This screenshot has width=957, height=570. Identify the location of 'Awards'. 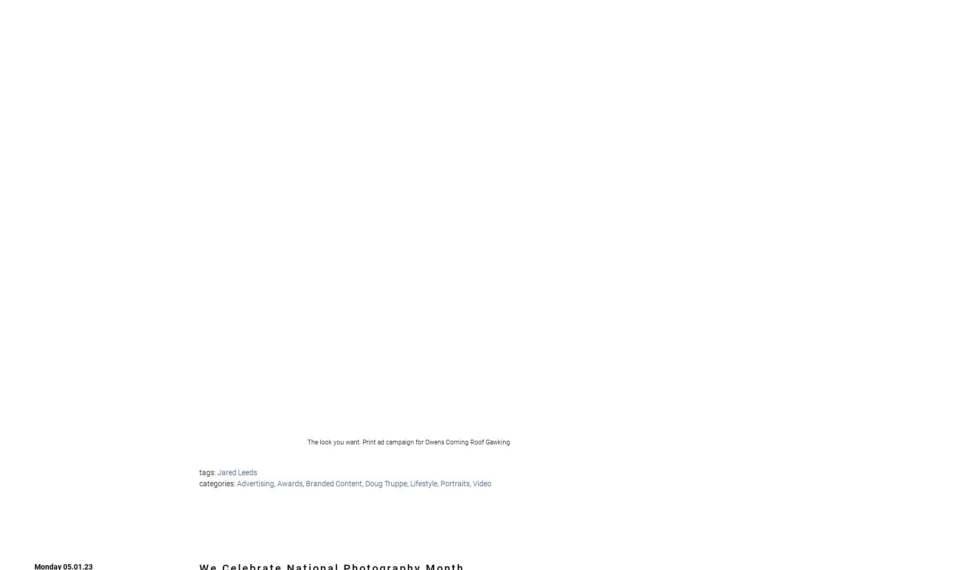
(277, 483).